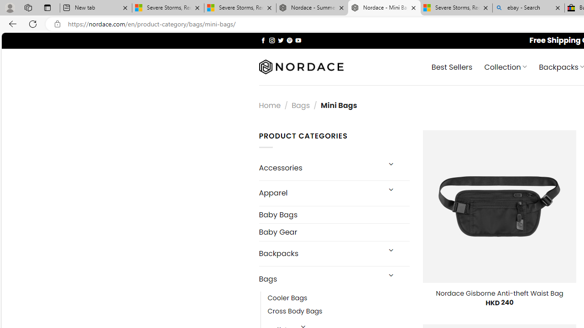  What do you see at coordinates (338, 298) in the screenshot?
I see `'Cooler Bags'` at bounding box center [338, 298].